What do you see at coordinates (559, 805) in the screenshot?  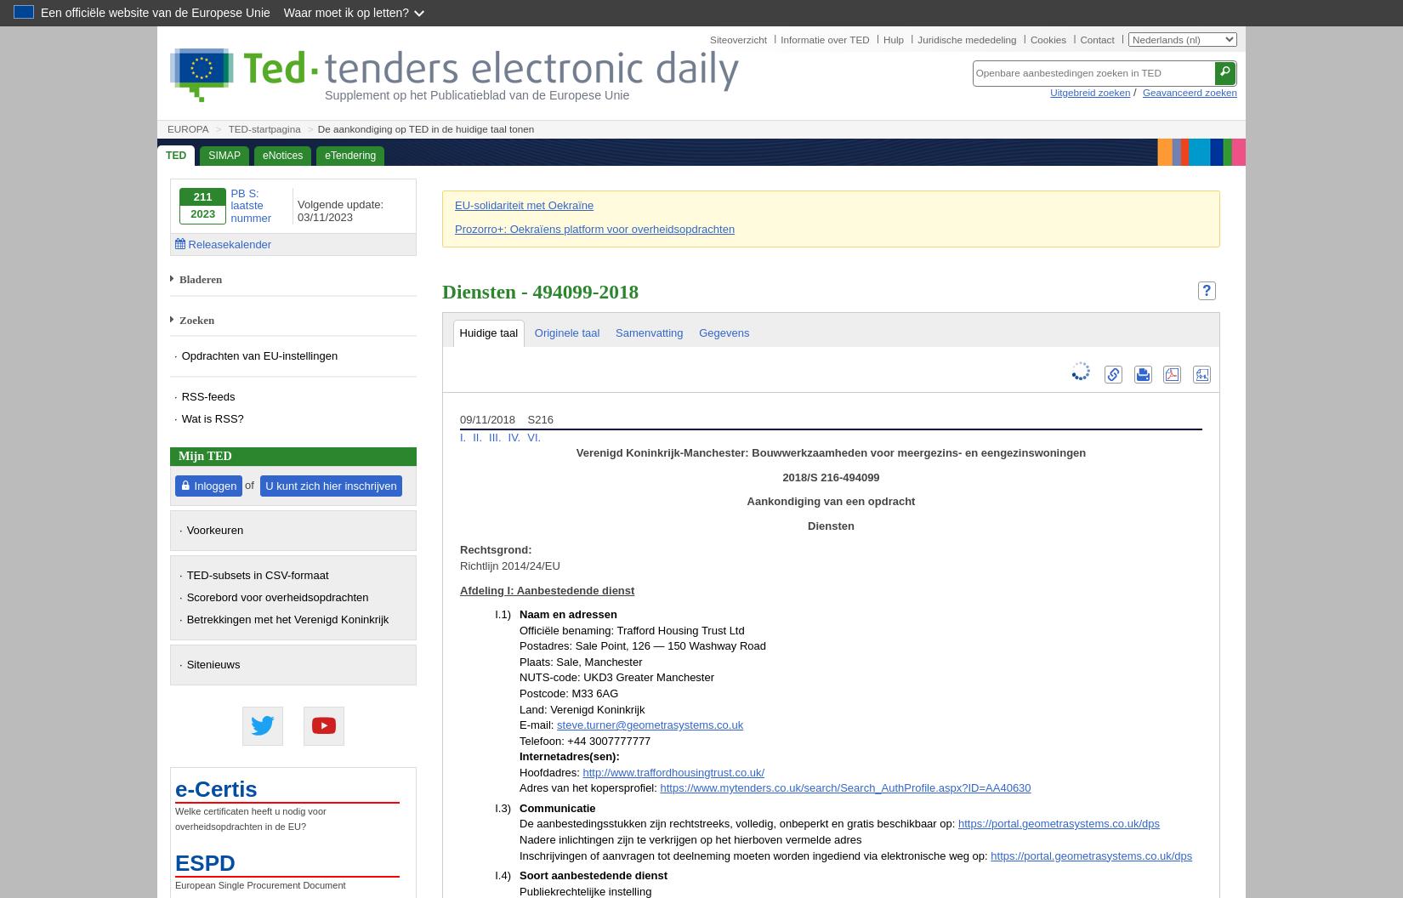 I see `'Type procedure'` at bounding box center [559, 805].